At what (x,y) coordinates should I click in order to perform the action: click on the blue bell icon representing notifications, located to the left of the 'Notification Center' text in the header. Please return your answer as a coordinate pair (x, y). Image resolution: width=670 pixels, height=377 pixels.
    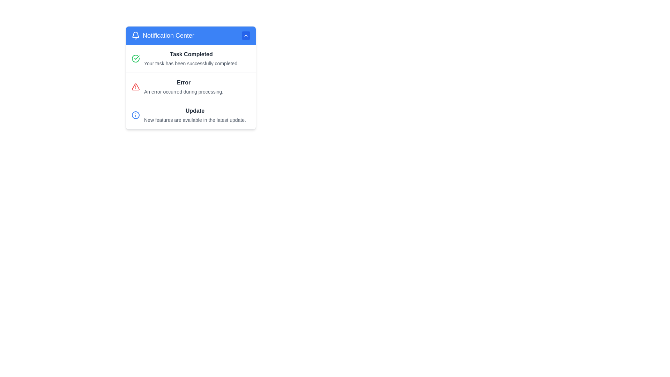
    Looking at the image, I should click on (135, 35).